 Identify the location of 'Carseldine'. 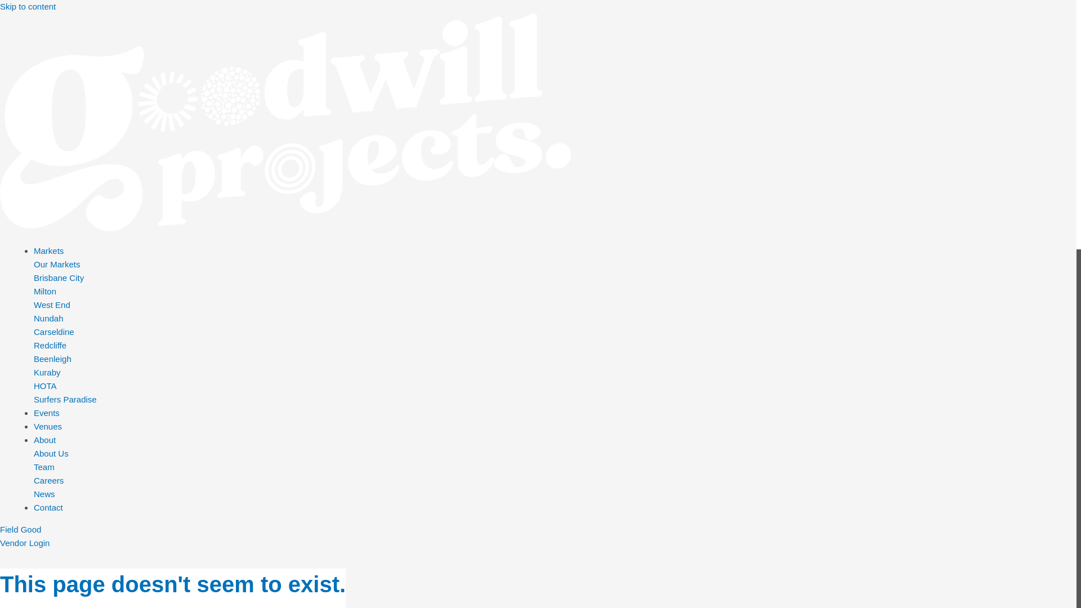
(53, 331).